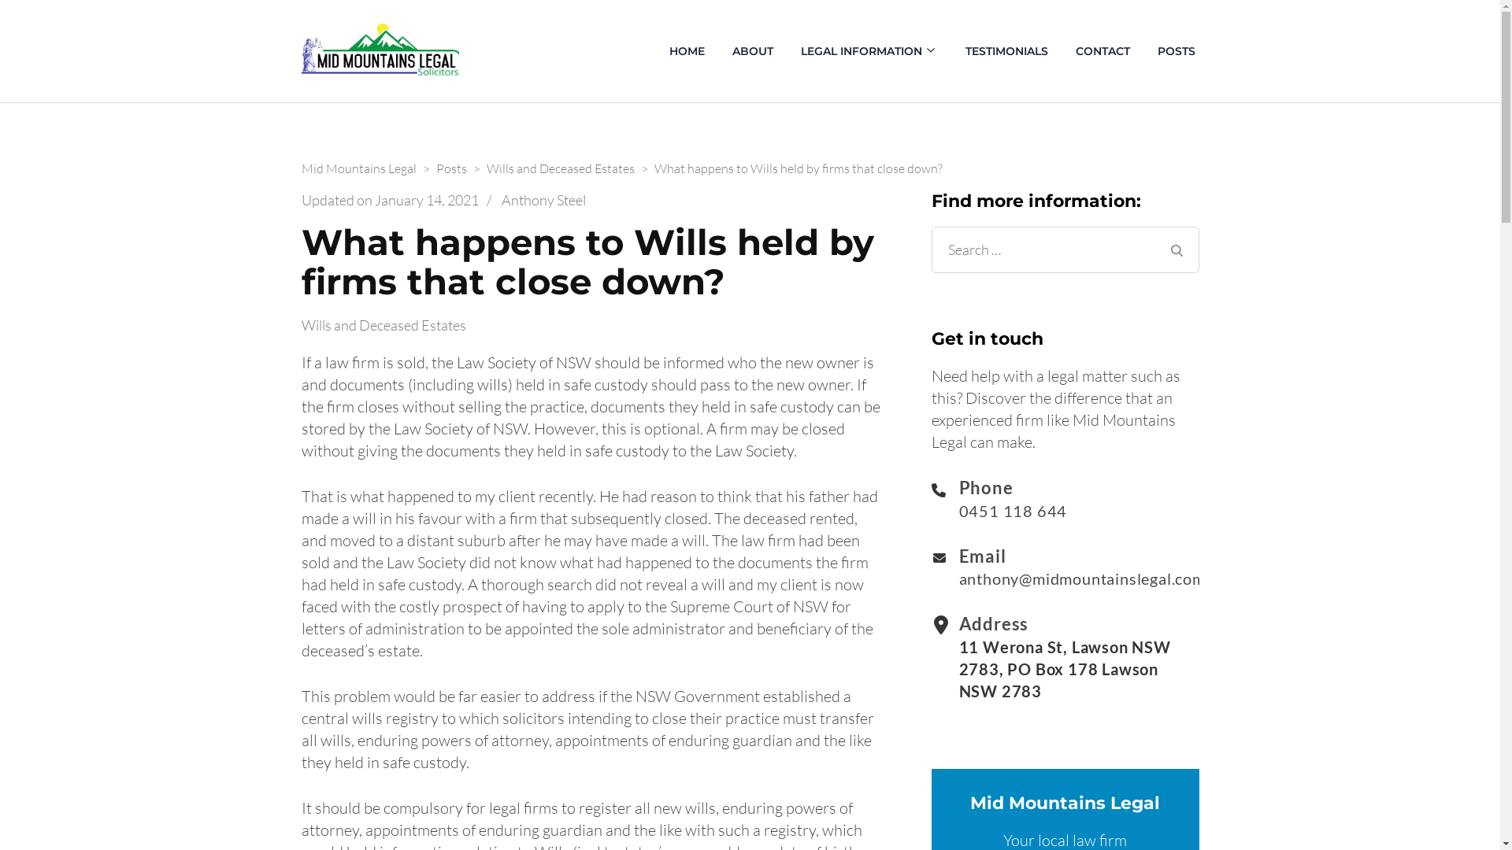 The image size is (1512, 850). Describe the element at coordinates (797, 50) in the screenshot. I see `'LEGAL INFORMATION'` at that location.